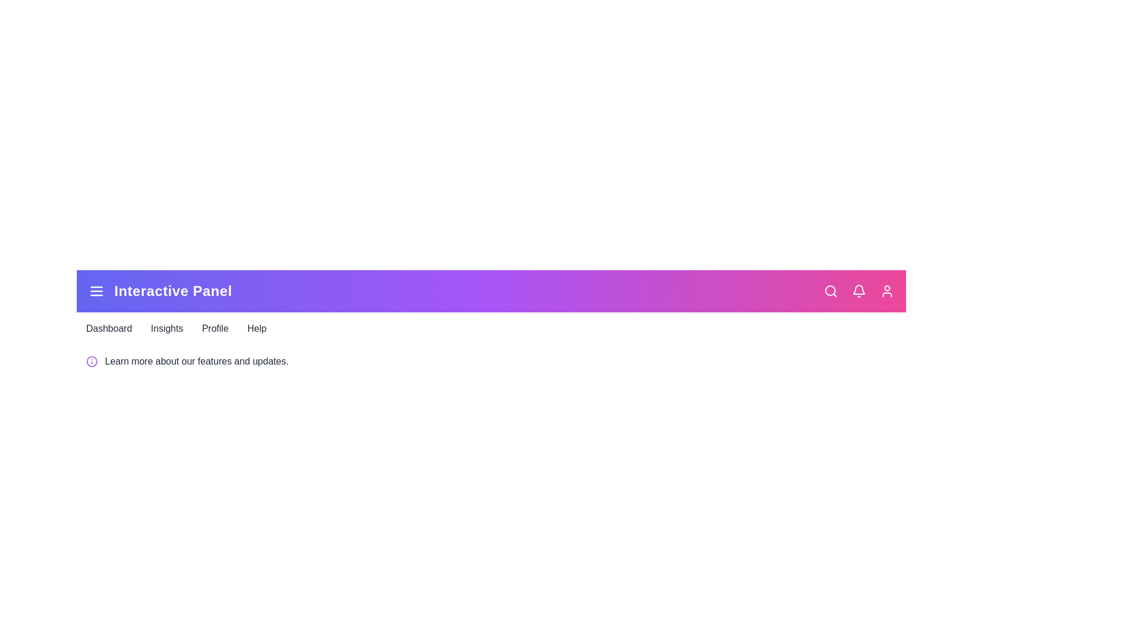 Image resolution: width=1126 pixels, height=633 pixels. I want to click on the navigation link labeled Insights, so click(166, 328).